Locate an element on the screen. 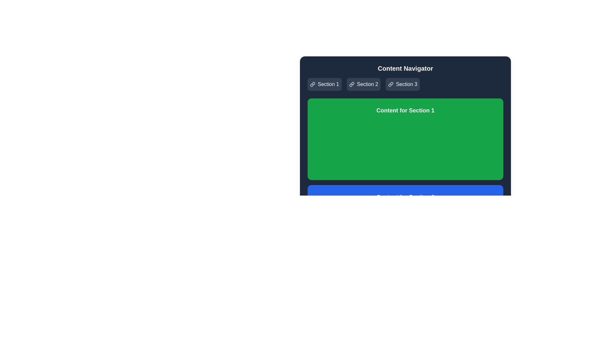 The height and width of the screenshot is (344, 612). the 'Section 2' tab-like button with a link icon is located at coordinates (364, 84).